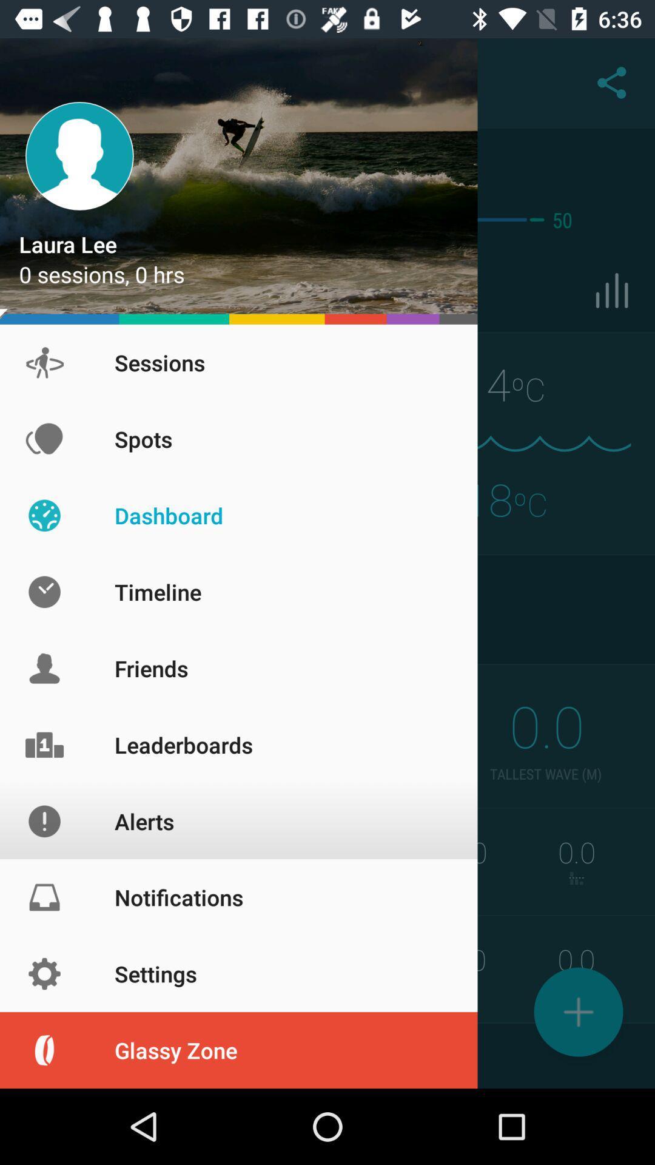 This screenshot has height=1165, width=655. I want to click on the share icon, so click(611, 82).